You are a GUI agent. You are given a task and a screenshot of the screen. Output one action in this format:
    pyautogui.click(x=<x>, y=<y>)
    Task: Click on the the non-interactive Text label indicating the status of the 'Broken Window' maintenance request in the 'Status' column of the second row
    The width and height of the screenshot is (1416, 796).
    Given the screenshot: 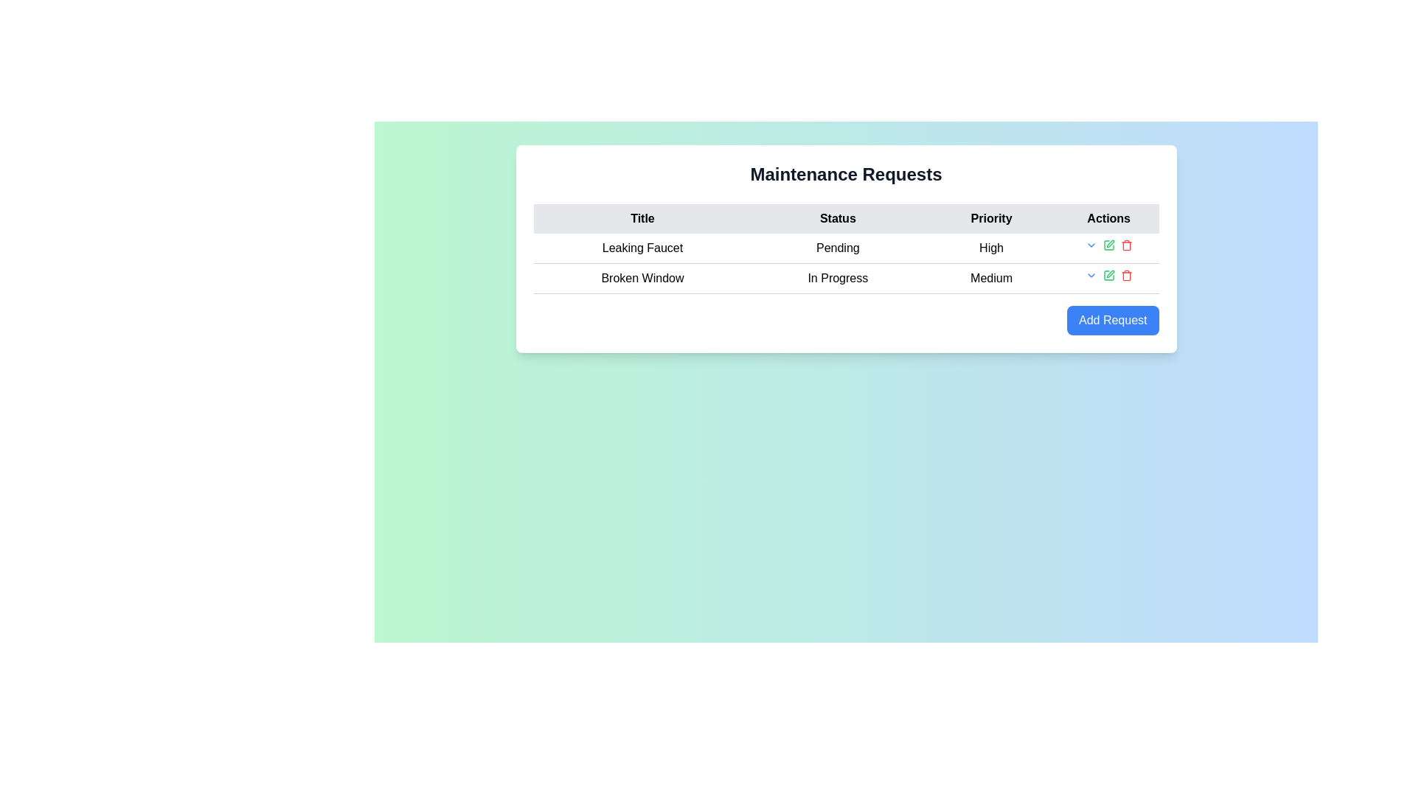 What is the action you would take?
    pyautogui.click(x=838, y=279)
    